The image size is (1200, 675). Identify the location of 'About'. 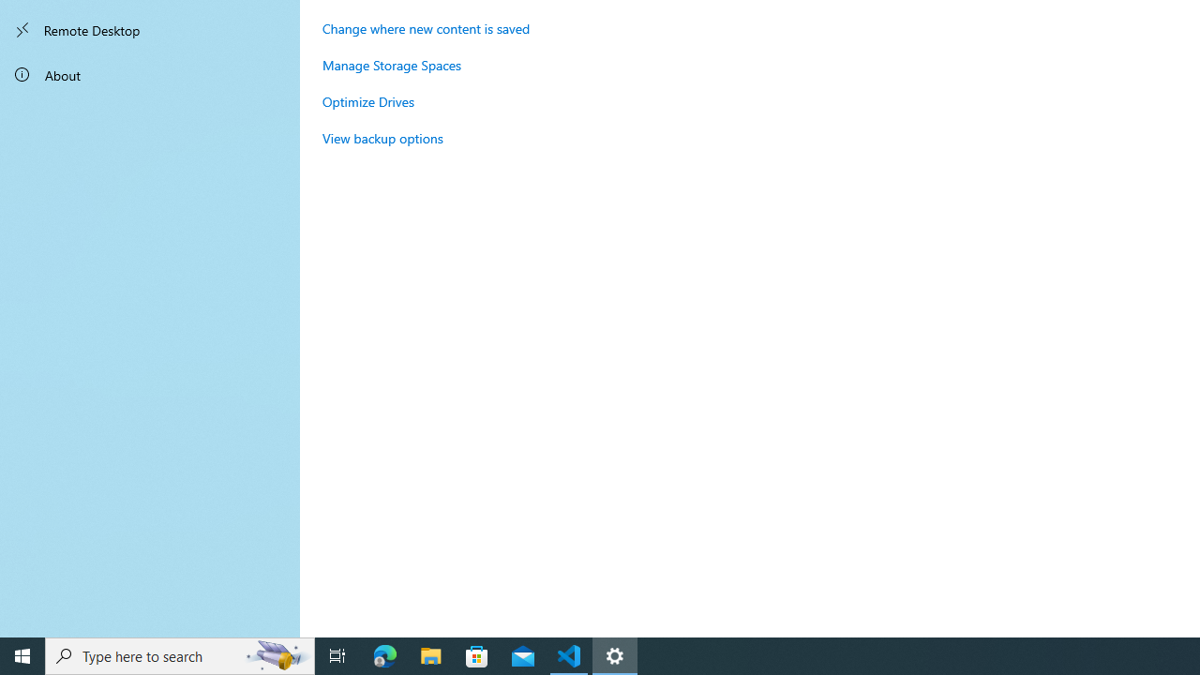
(150, 73).